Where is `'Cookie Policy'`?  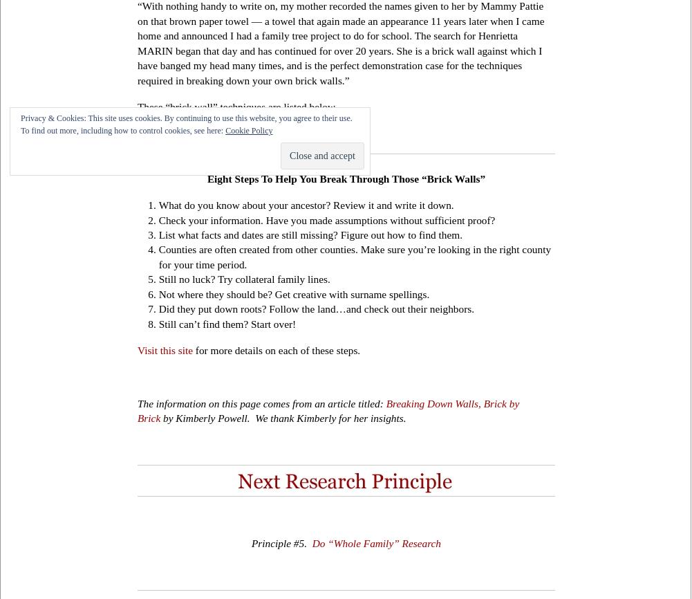
'Cookie Policy' is located at coordinates (247, 130).